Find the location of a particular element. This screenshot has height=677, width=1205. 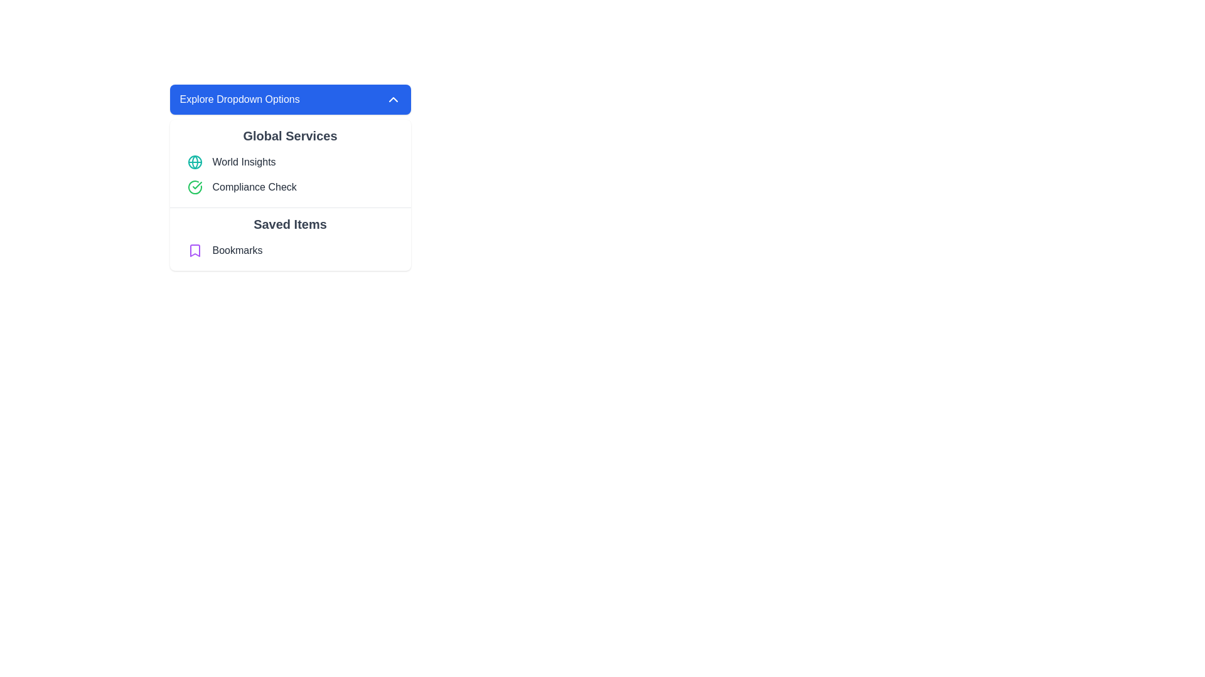

the purple bookmark icon located next to the 'Bookmarks' label in the 'Saved Items' section of the dropdown menu is located at coordinates (194, 251).